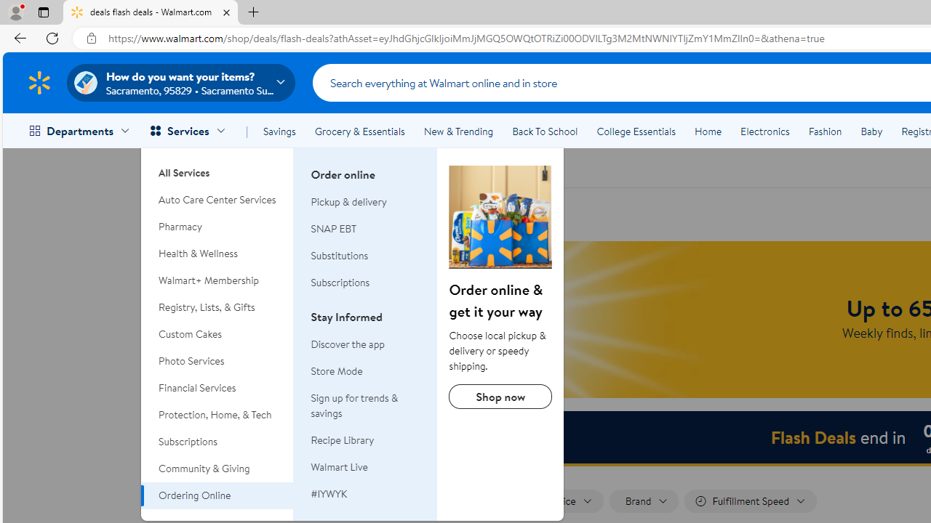 This screenshot has height=523, width=931. What do you see at coordinates (643, 500) in the screenshot?
I see `'Filter by Brand not applied, activate to change'` at bounding box center [643, 500].